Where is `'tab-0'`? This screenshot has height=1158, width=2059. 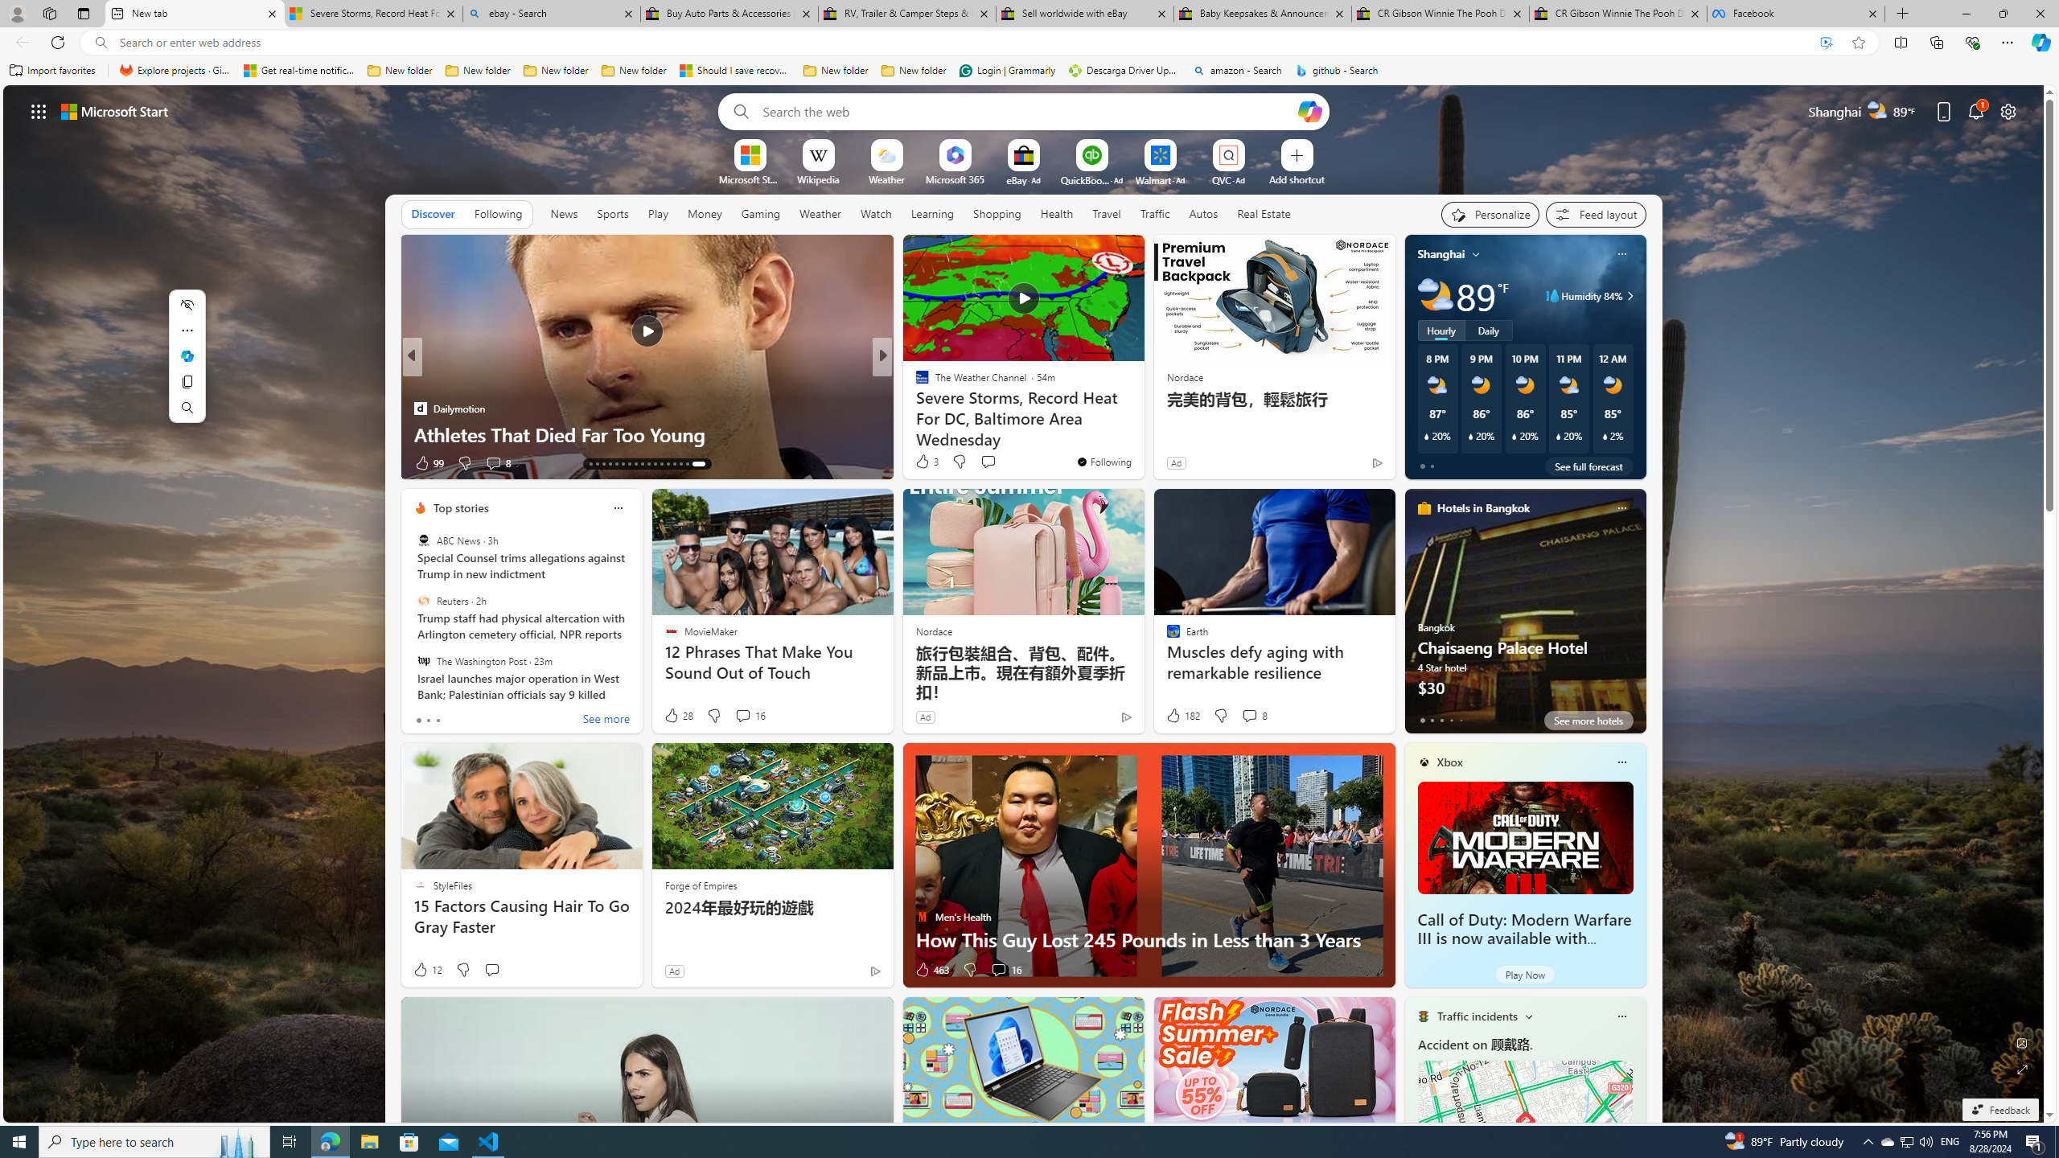
'tab-0' is located at coordinates (1420, 720).